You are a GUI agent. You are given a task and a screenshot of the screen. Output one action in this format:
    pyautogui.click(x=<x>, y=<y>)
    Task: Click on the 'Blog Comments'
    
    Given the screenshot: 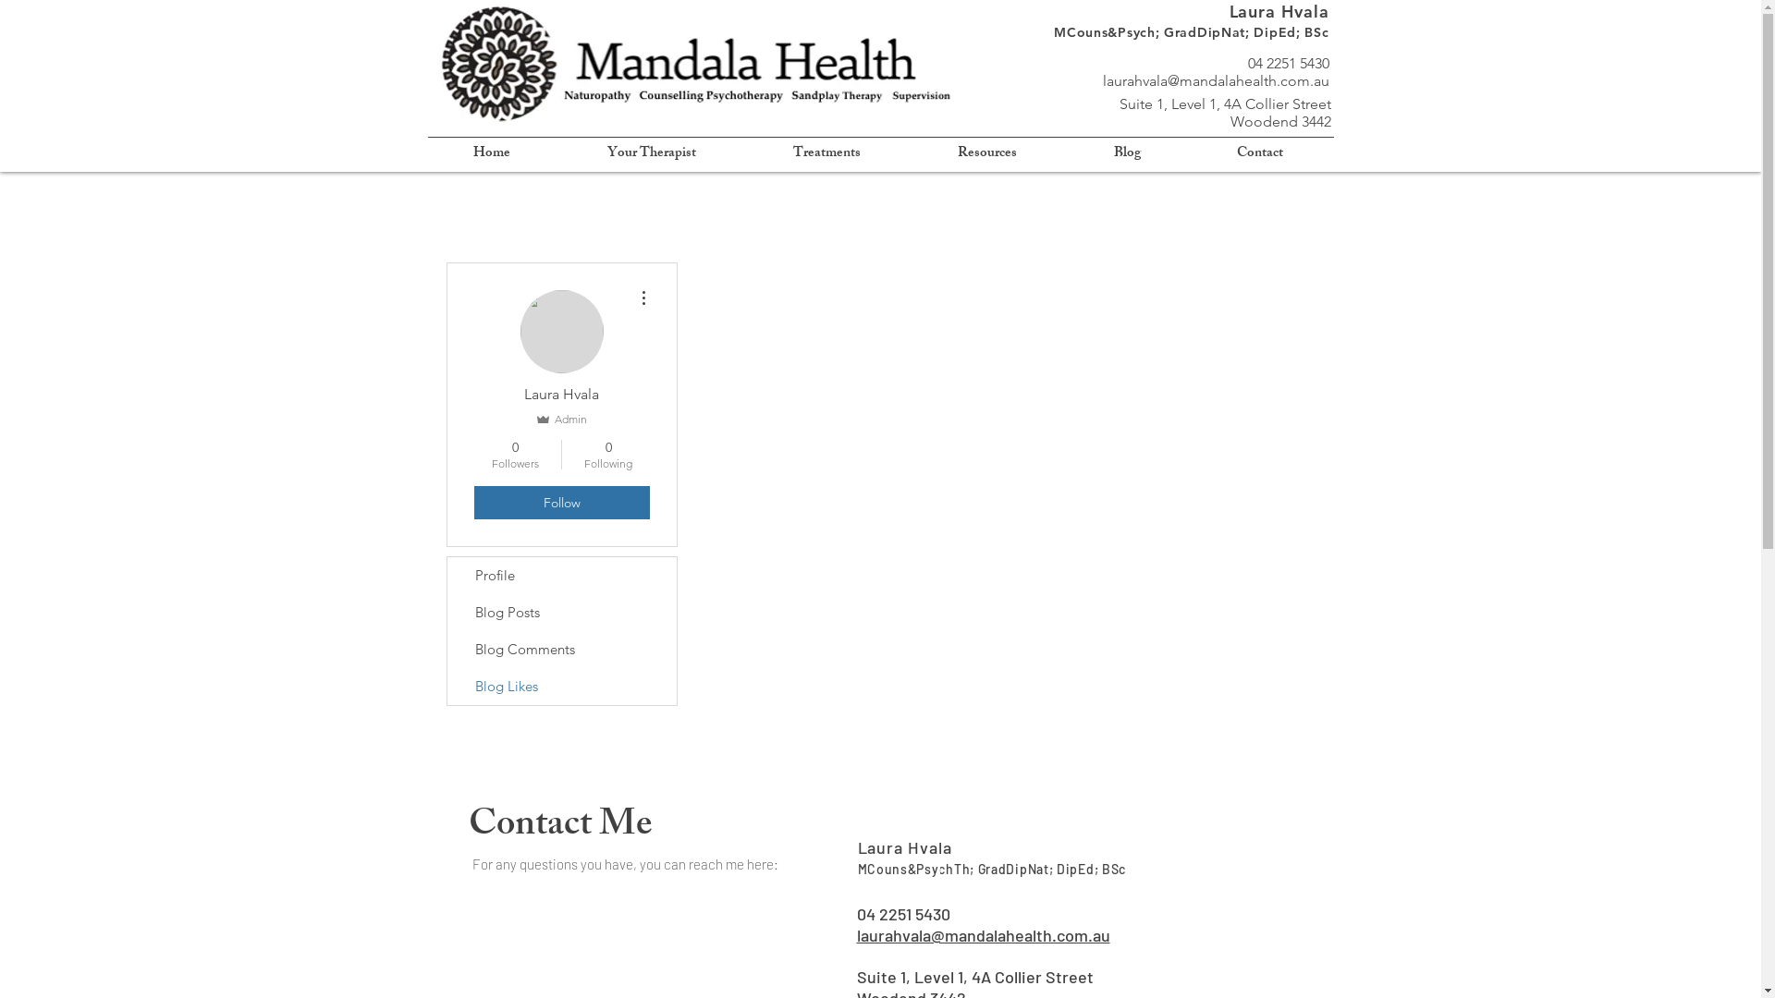 What is the action you would take?
    pyautogui.click(x=561, y=648)
    